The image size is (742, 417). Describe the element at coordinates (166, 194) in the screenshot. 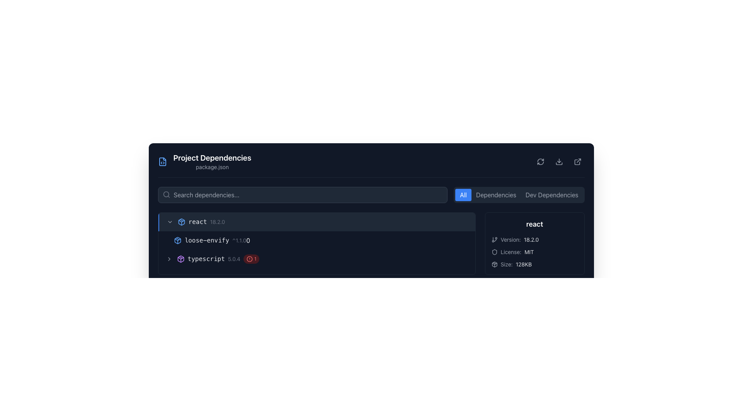

I see `the magnifying glass icon representing the search function, located to the left of the placeholder text 'Search dependencies...'` at that location.